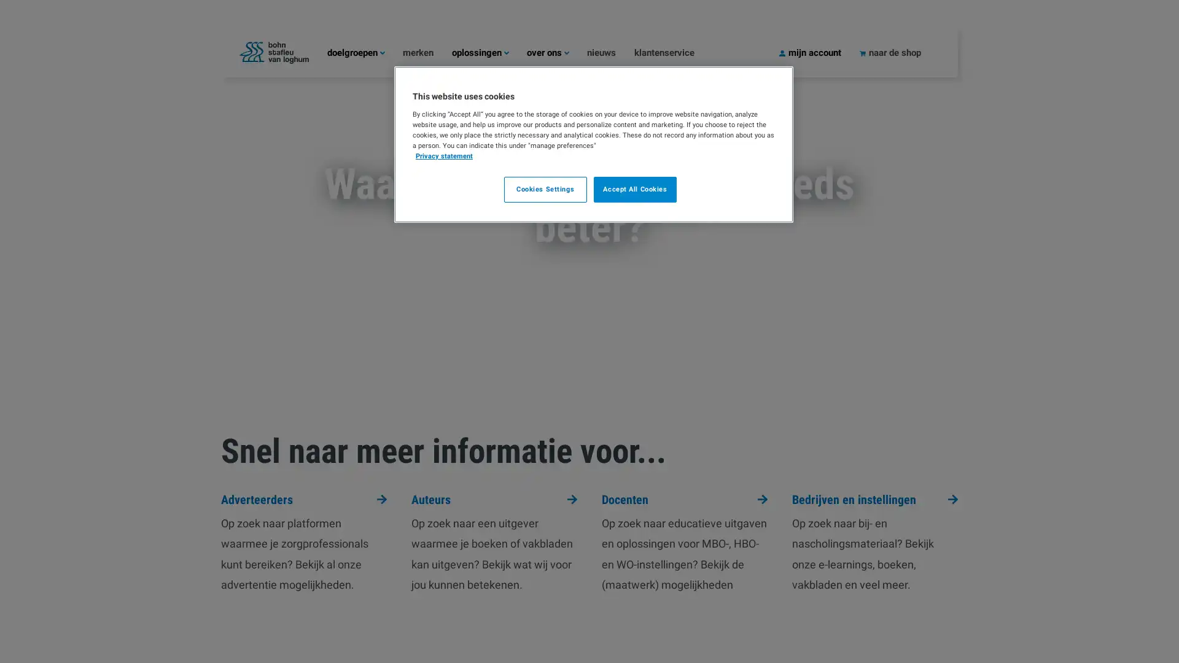 The image size is (1179, 663). I want to click on oplossingen, so click(488, 52).